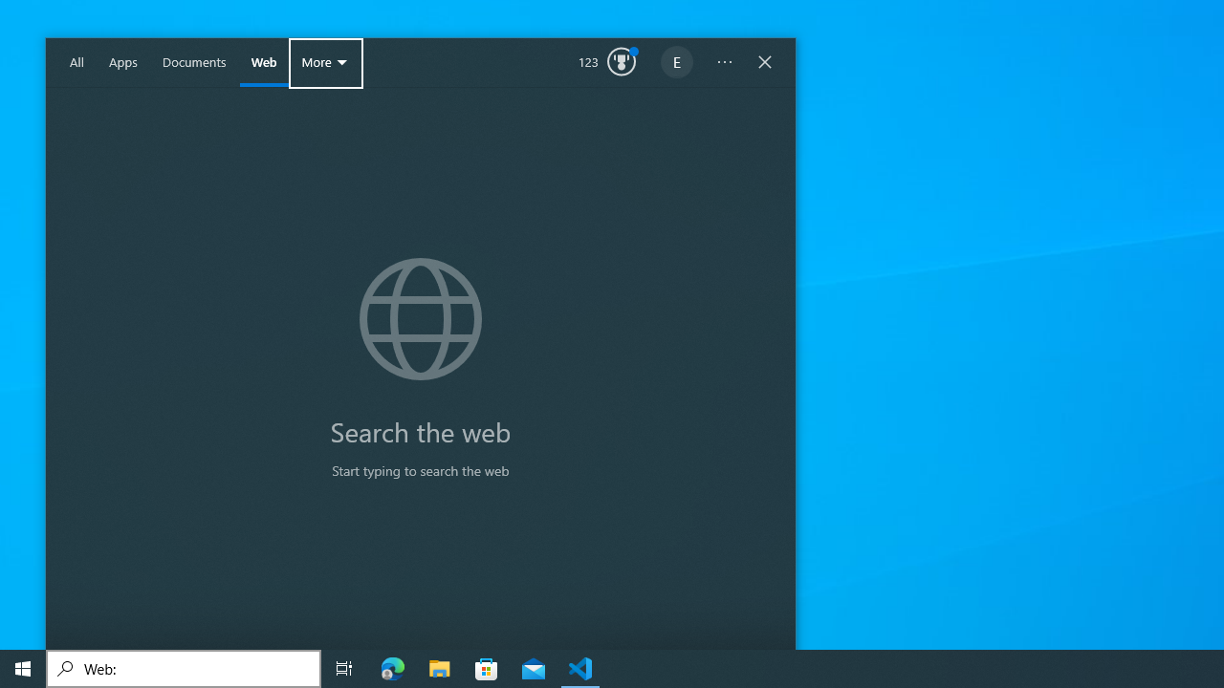 This screenshot has height=688, width=1224. What do you see at coordinates (76, 62) in the screenshot?
I see `'All'` at bounding box center [76, 62].